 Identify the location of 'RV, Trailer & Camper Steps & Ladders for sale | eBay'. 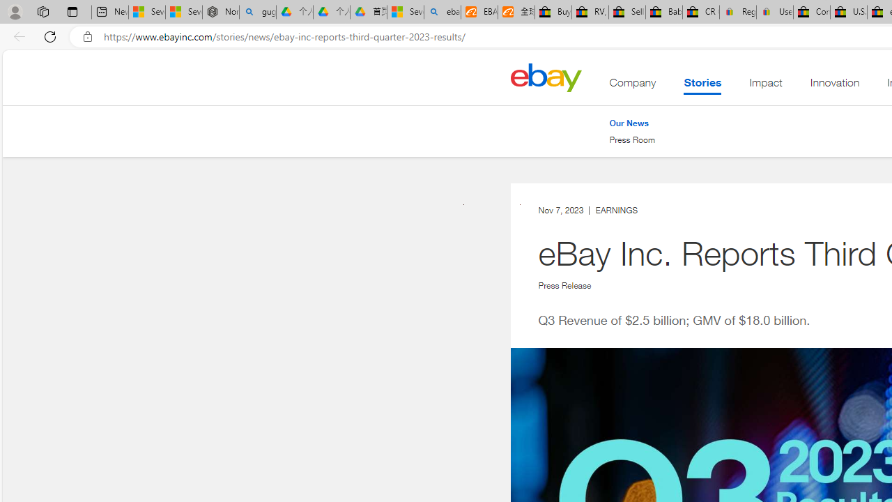
(590, 12).